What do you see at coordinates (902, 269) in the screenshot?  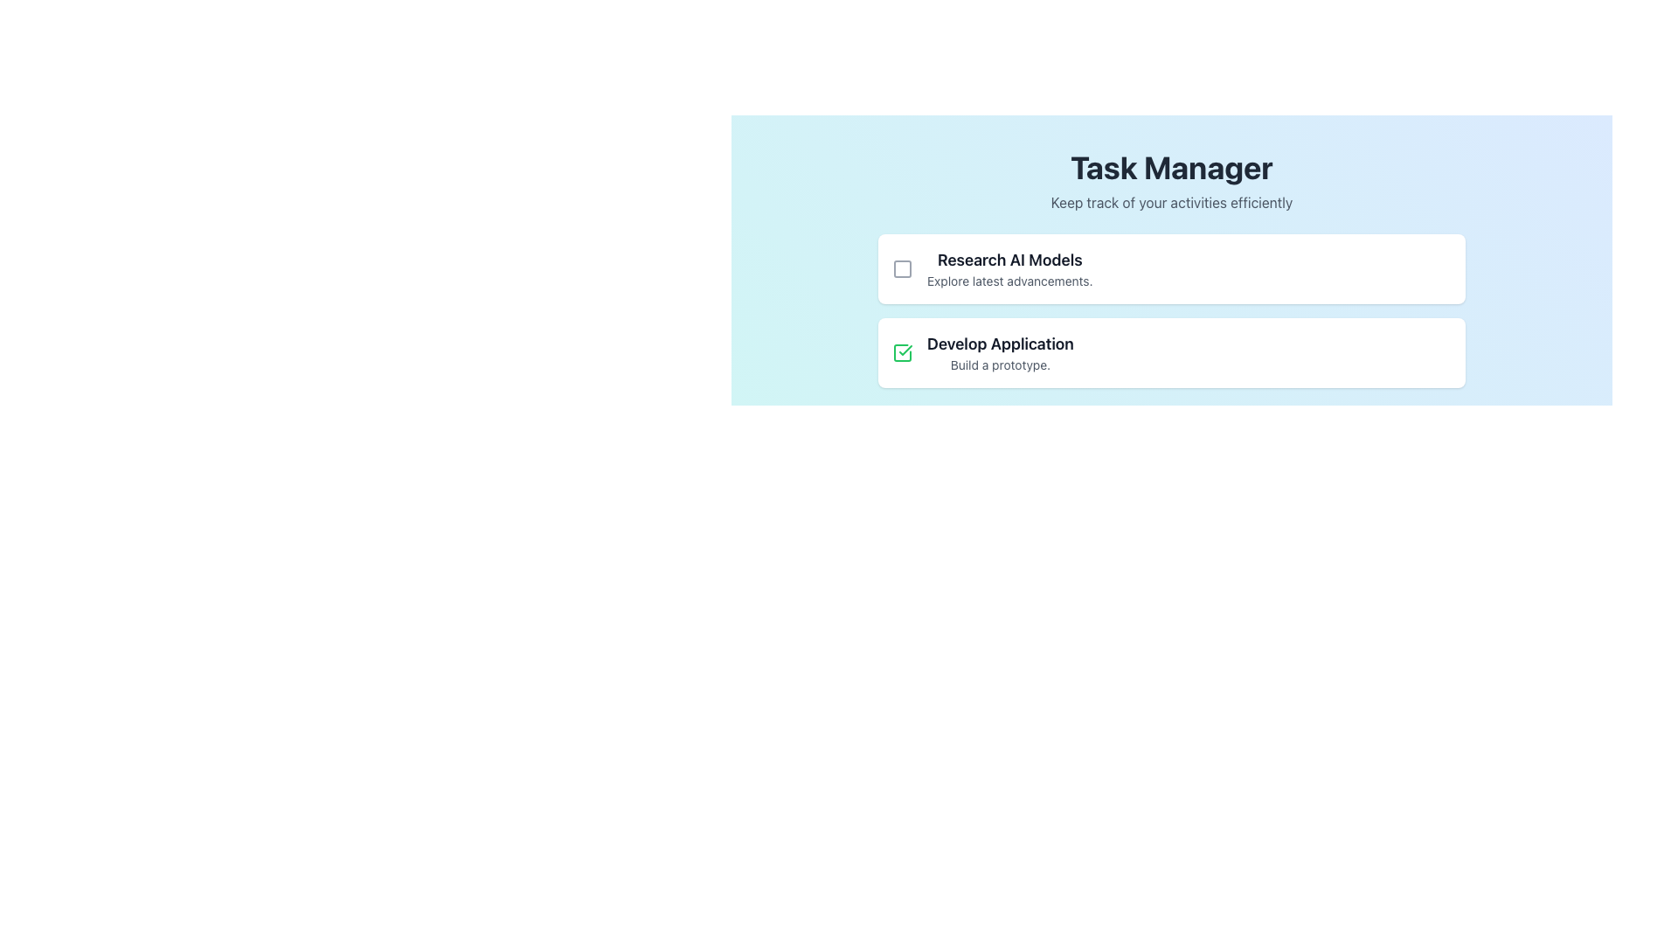 I see `the checkbox component next to 'Research AI Models' in the Task Manager section` at bounding box center [902, 269].